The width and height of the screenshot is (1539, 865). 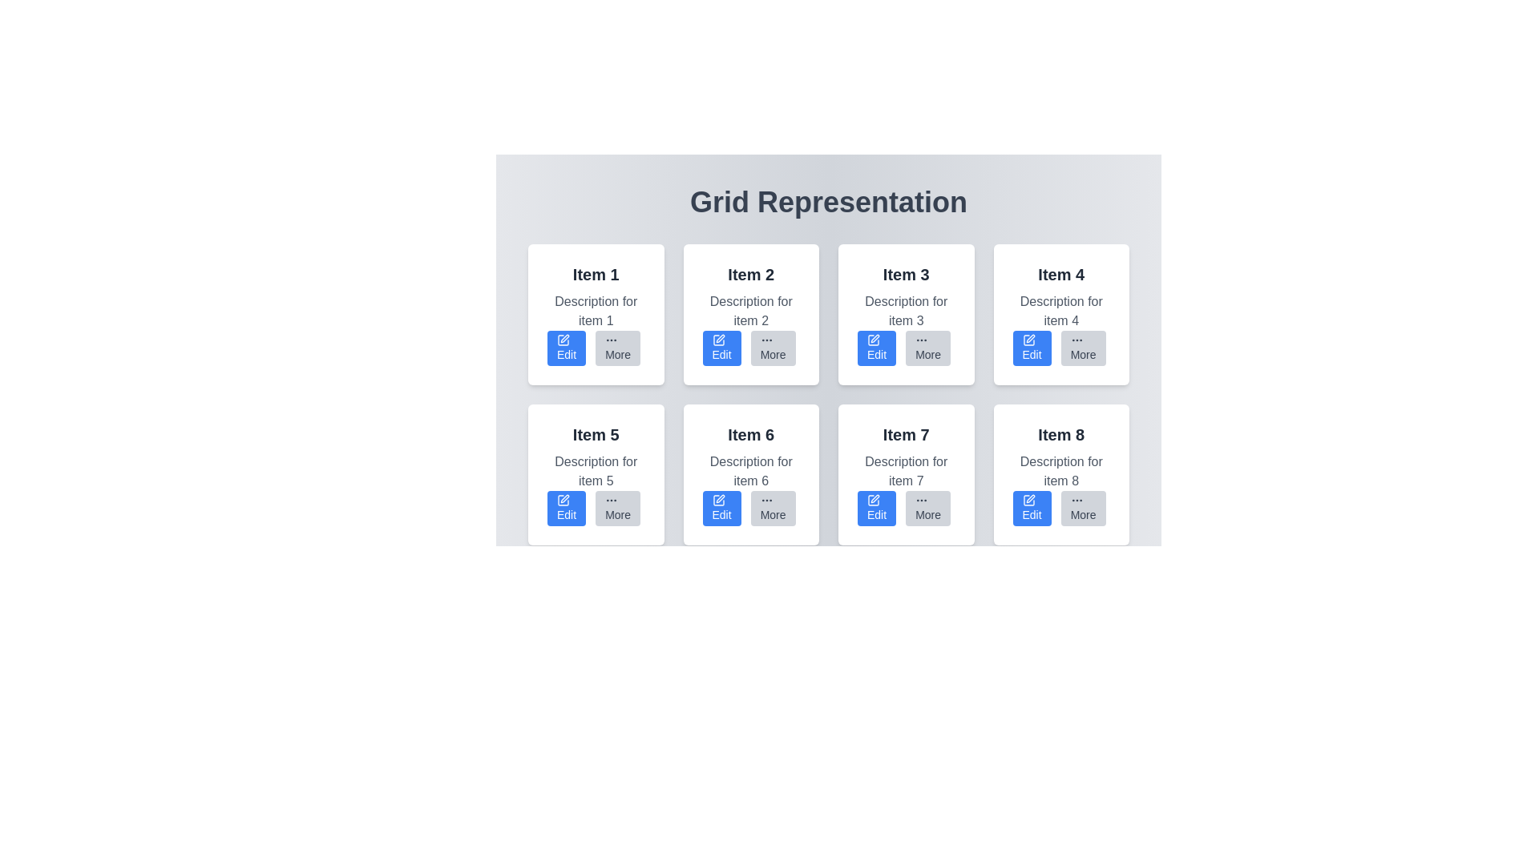 What do you see at coordinates (719, 498) in the screenshot?
I see `the edit-related icon located within the sixth item card of a 4x2 grid layout` at bounding box center [719, 498].